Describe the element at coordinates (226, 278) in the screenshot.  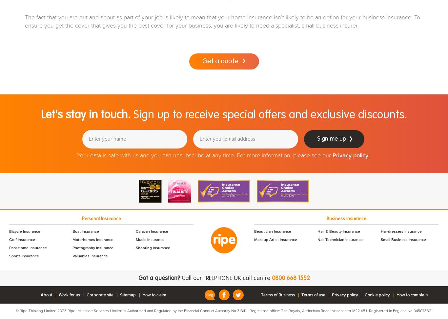
I see `'Call our FREEPHONE UK call centre'` at that location.